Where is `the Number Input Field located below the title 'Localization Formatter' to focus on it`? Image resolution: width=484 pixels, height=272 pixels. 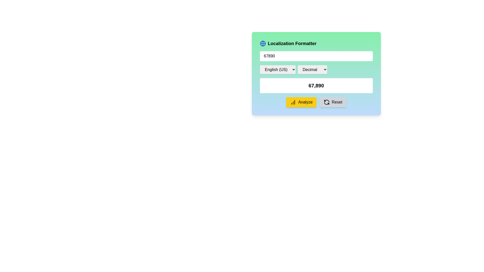
the Number Input Field located below the title 'Localization Formatter' to focus on it is located at coordinates (316, 56).